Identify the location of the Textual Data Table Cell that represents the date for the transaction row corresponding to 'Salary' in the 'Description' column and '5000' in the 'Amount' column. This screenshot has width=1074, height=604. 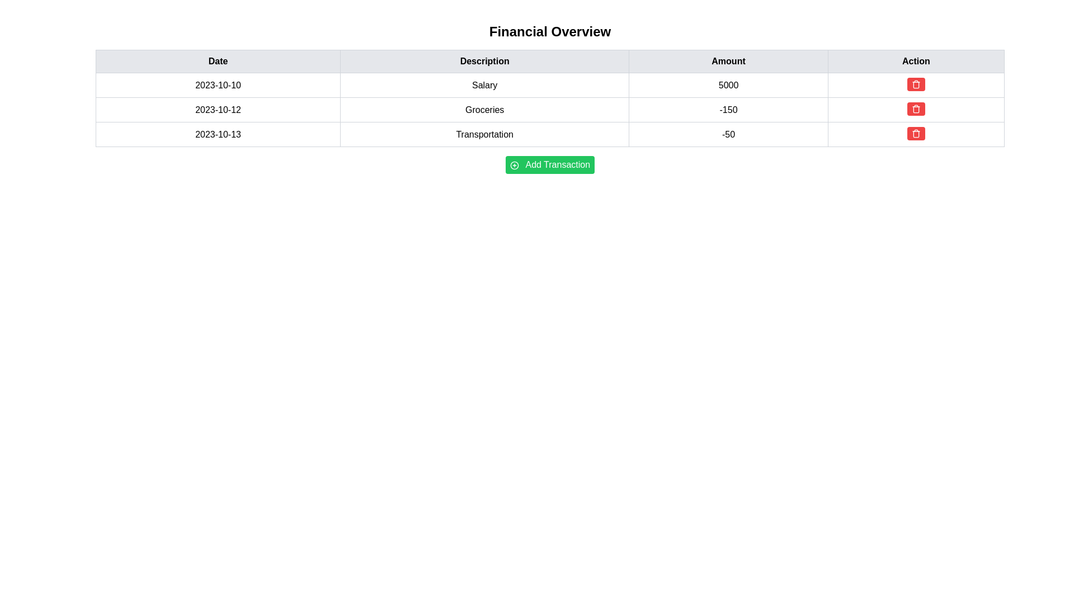
(218, 84).